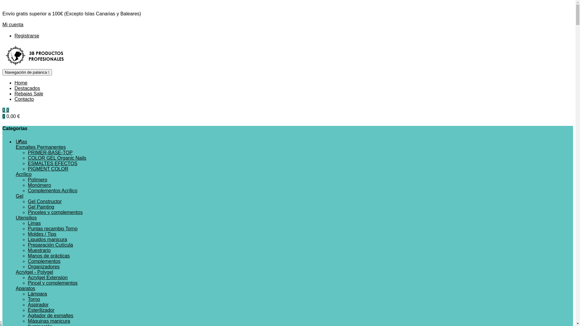 This screenshot has width=580, height=326. What do you see at coordinates (8, 110) in the screenshot?
I see `'0'` at bounding box center [8, 110].